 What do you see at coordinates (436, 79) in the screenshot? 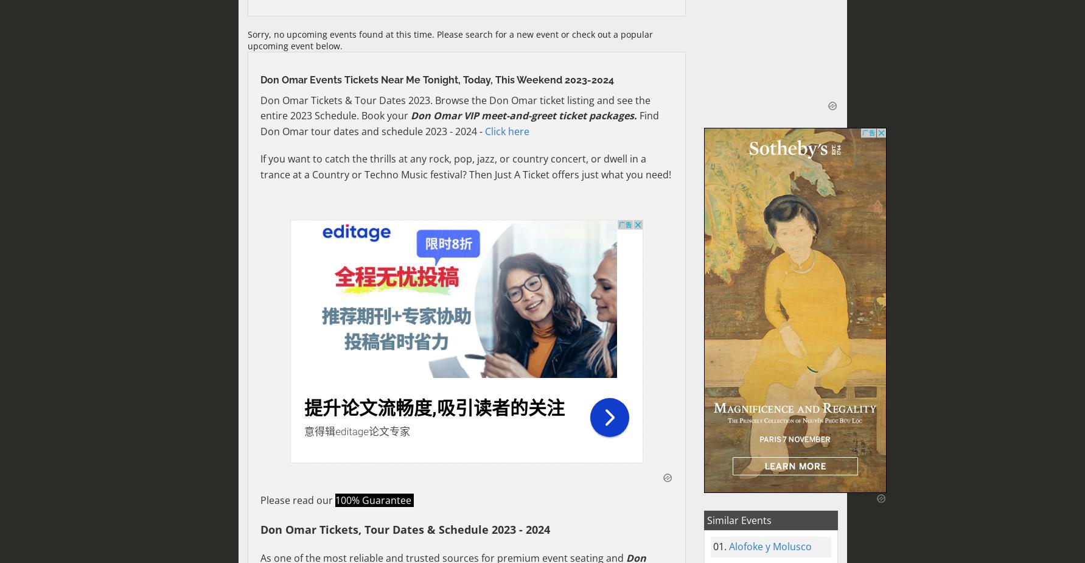
I see `'Don Omar Events Tickets Near Me Tonight, Today, This Weekend 2023-2024'` at bounding box center [436, 79].